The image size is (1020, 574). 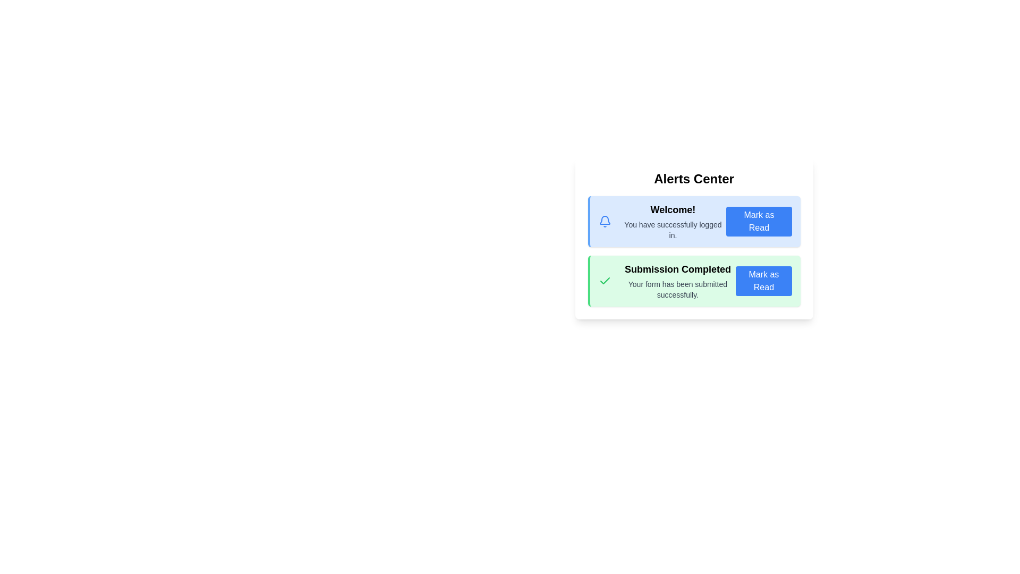 I want to click on the green check mark icon in the Notification card indicating 'Submission Completed' for visual confirmation, so click(x=695, y=280).